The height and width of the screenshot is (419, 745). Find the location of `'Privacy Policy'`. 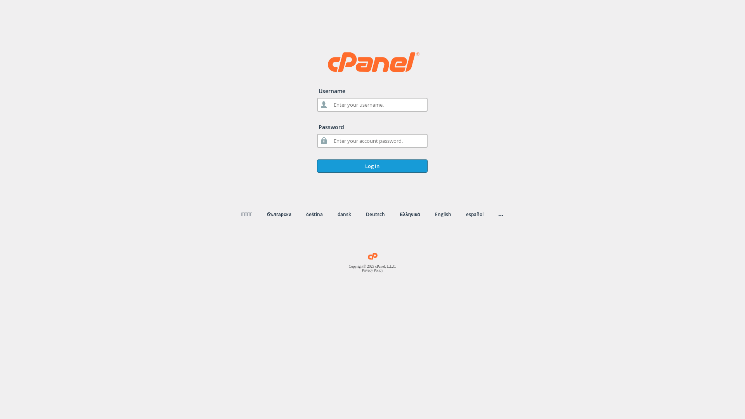

'Privacy Policy' is located at coordinates (372, 270).